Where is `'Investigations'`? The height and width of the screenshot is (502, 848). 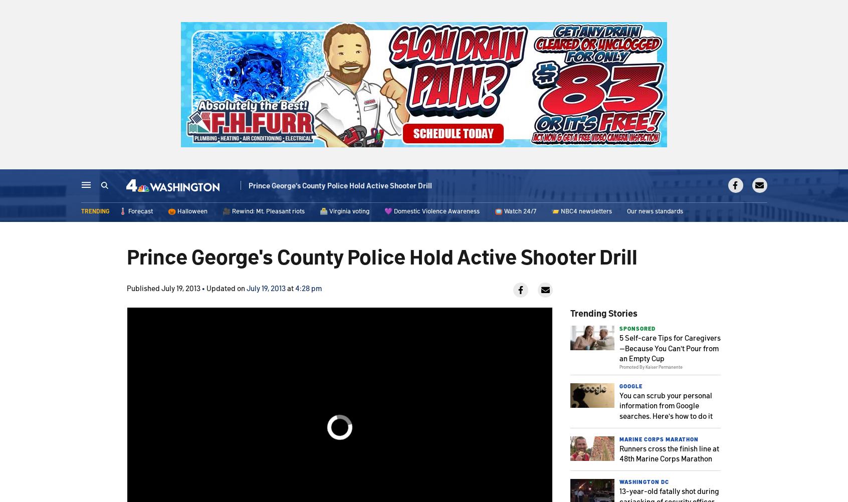 'Investigations' is located at coordinates (449, 186).